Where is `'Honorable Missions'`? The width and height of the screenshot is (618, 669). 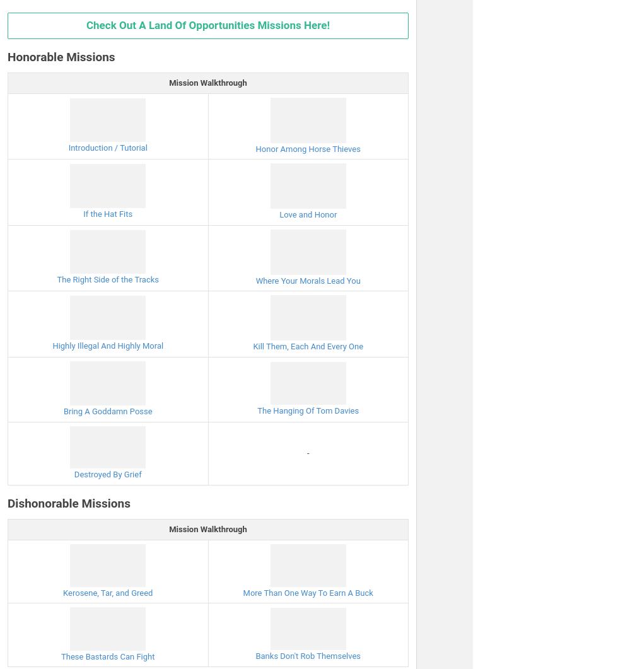
'Honorable Missions' is located at coordinates (61, 56).